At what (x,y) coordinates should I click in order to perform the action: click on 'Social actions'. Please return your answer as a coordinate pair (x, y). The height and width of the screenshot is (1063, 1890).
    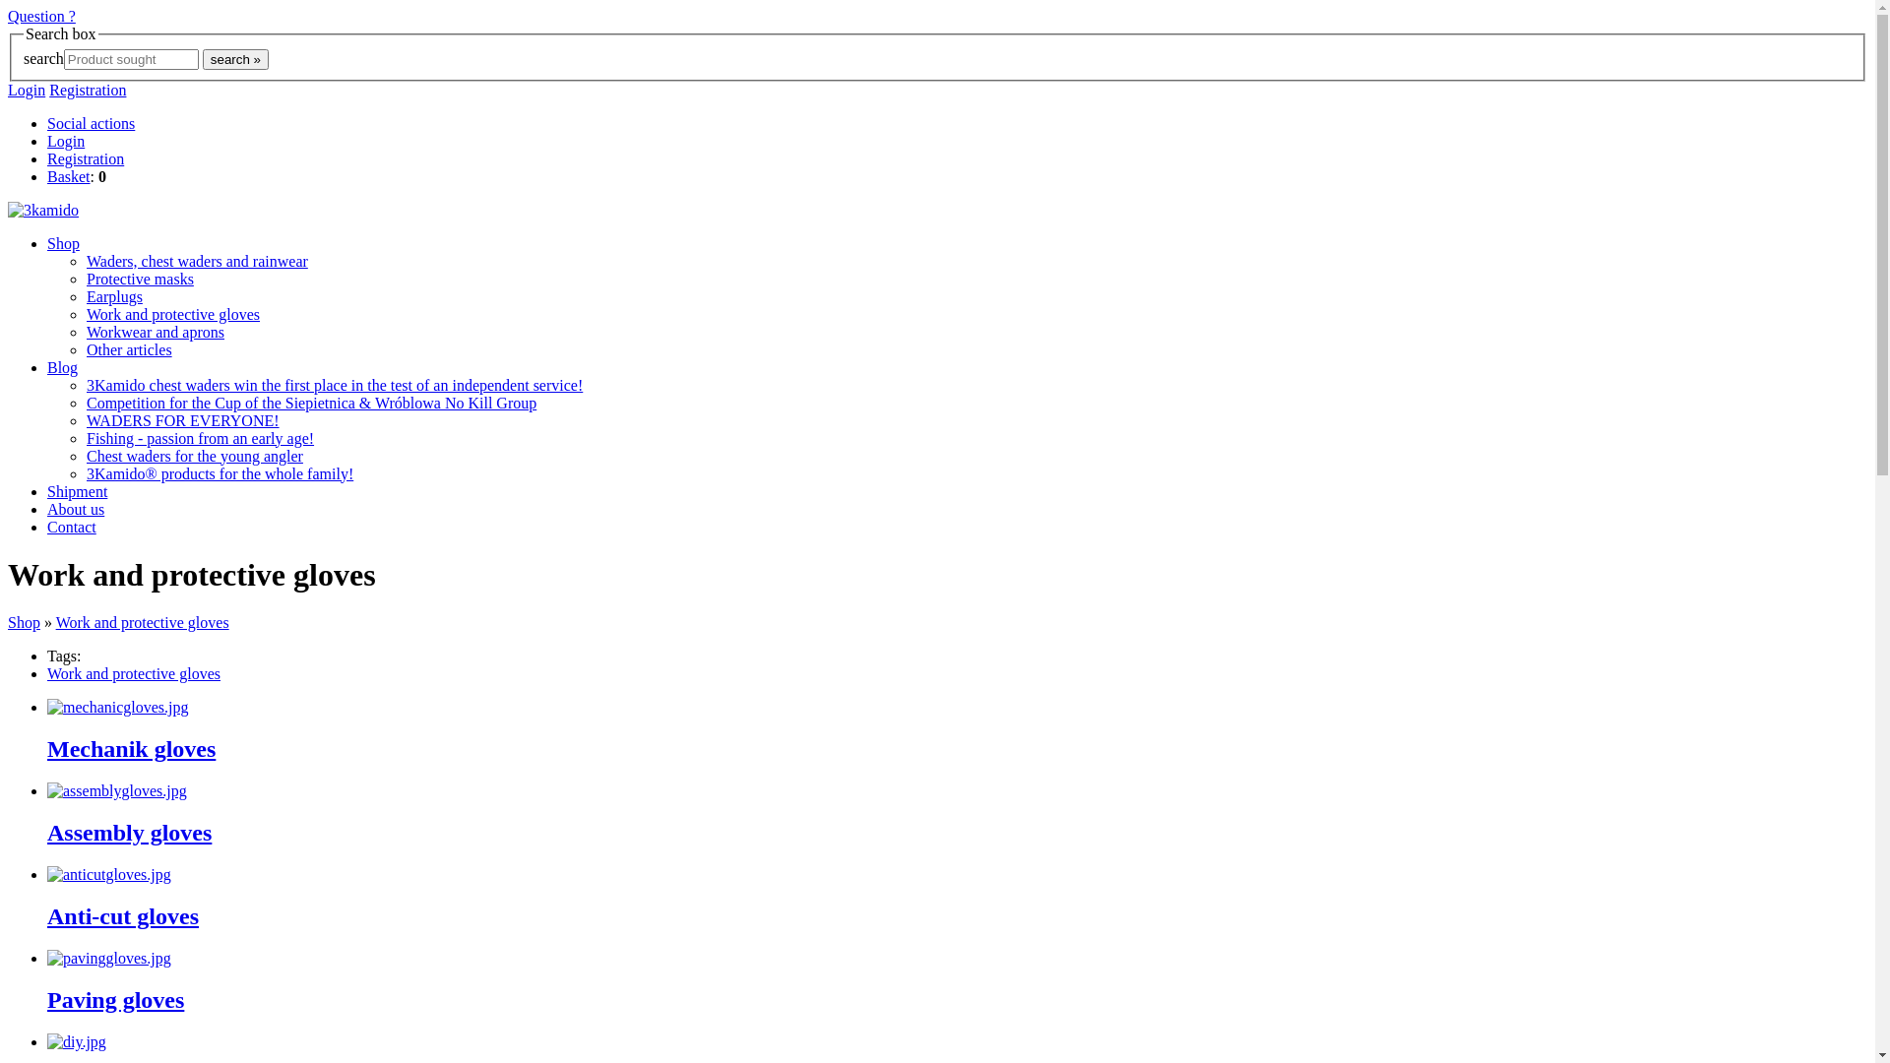
    Looking at the image, I should click on (90, 123).